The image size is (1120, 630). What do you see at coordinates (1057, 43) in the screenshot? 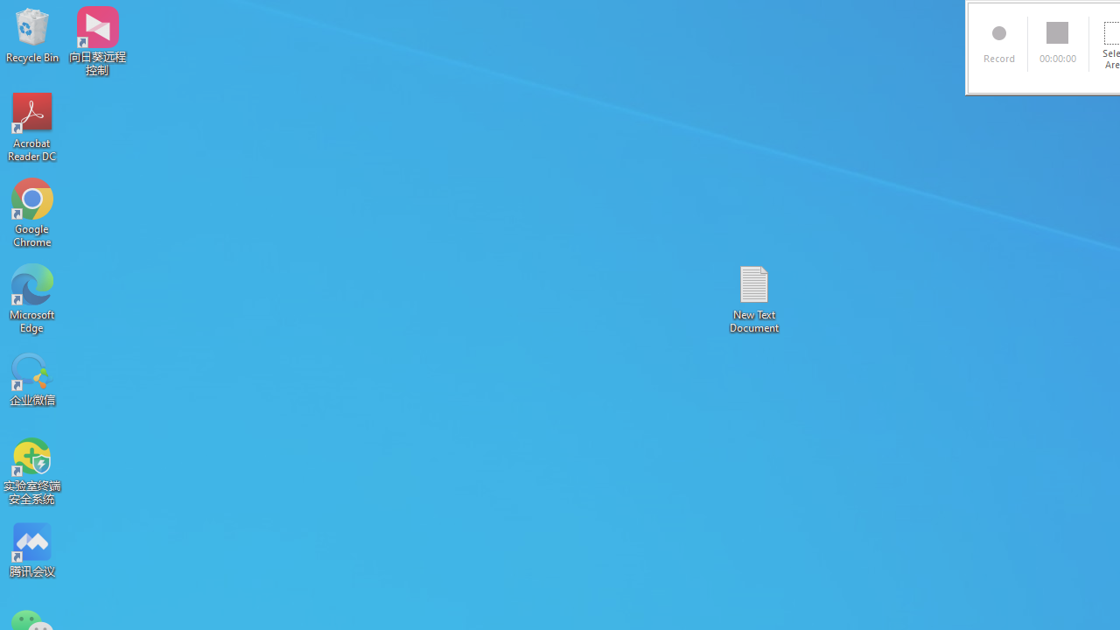
I see `'00:00:00'` at bounding box center [1057, 43].